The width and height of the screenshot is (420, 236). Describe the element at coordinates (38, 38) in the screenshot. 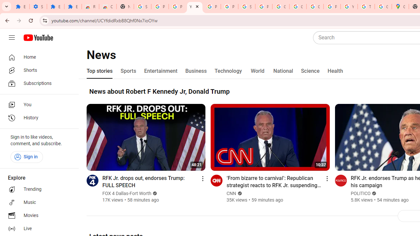

I see `'YouTube Home'` at that location.